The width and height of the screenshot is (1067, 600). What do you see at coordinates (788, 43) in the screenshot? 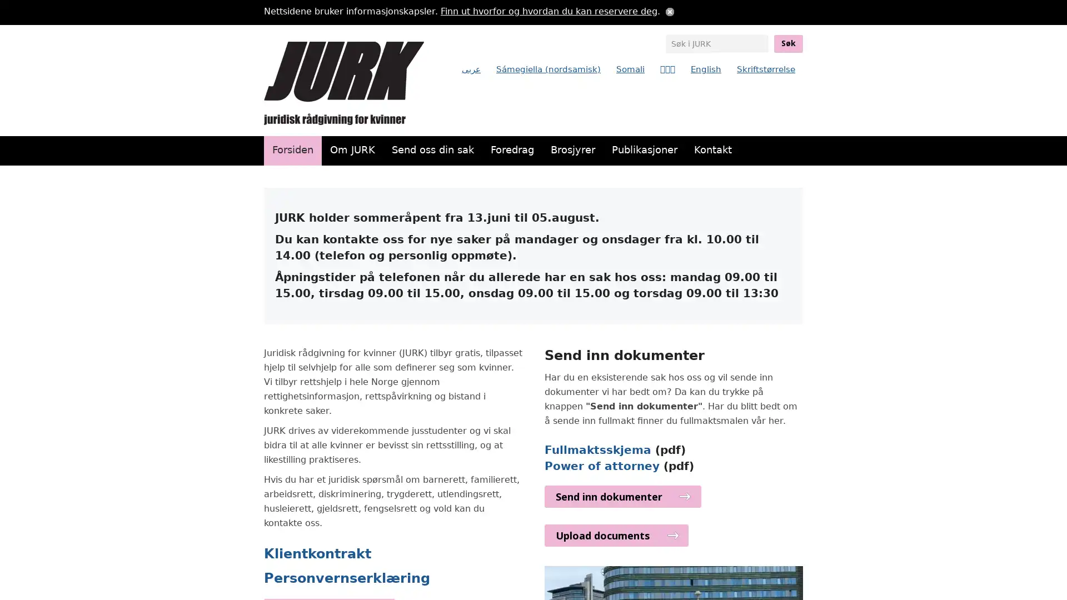
I see `Sk` at bounding box center [788, 43].